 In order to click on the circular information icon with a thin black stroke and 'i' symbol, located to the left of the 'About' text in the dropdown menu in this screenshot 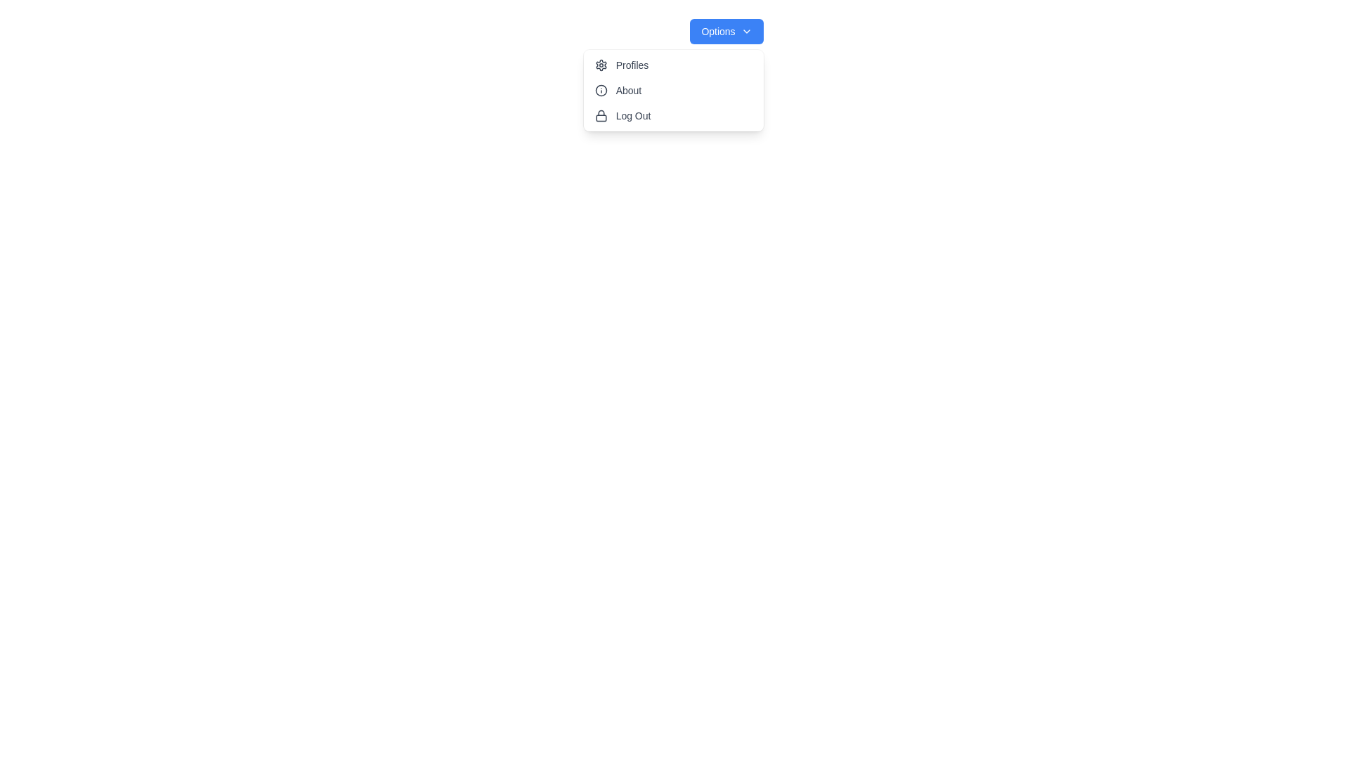, I will do `click(601, 90)`.